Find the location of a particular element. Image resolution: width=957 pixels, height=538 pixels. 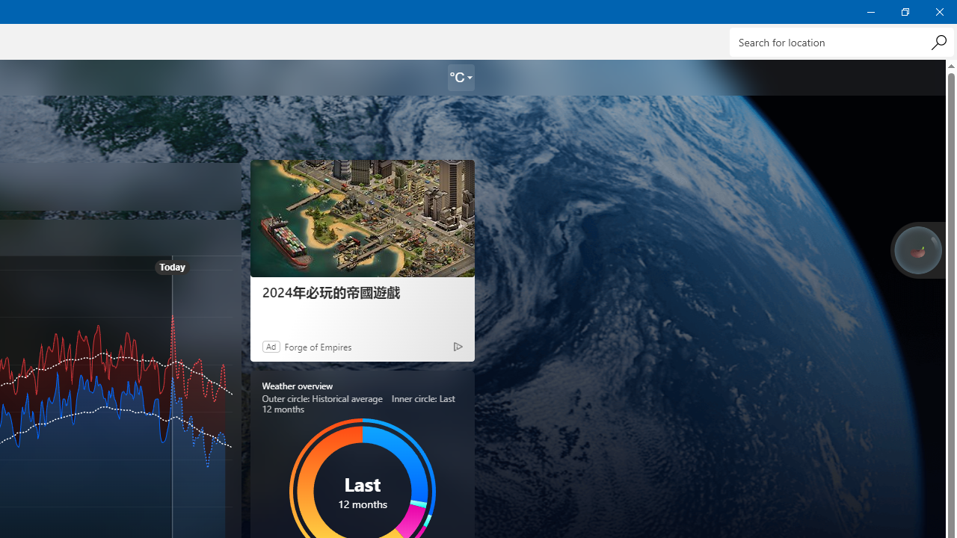

'Restore Weather' is located at coordinates (904, 11).